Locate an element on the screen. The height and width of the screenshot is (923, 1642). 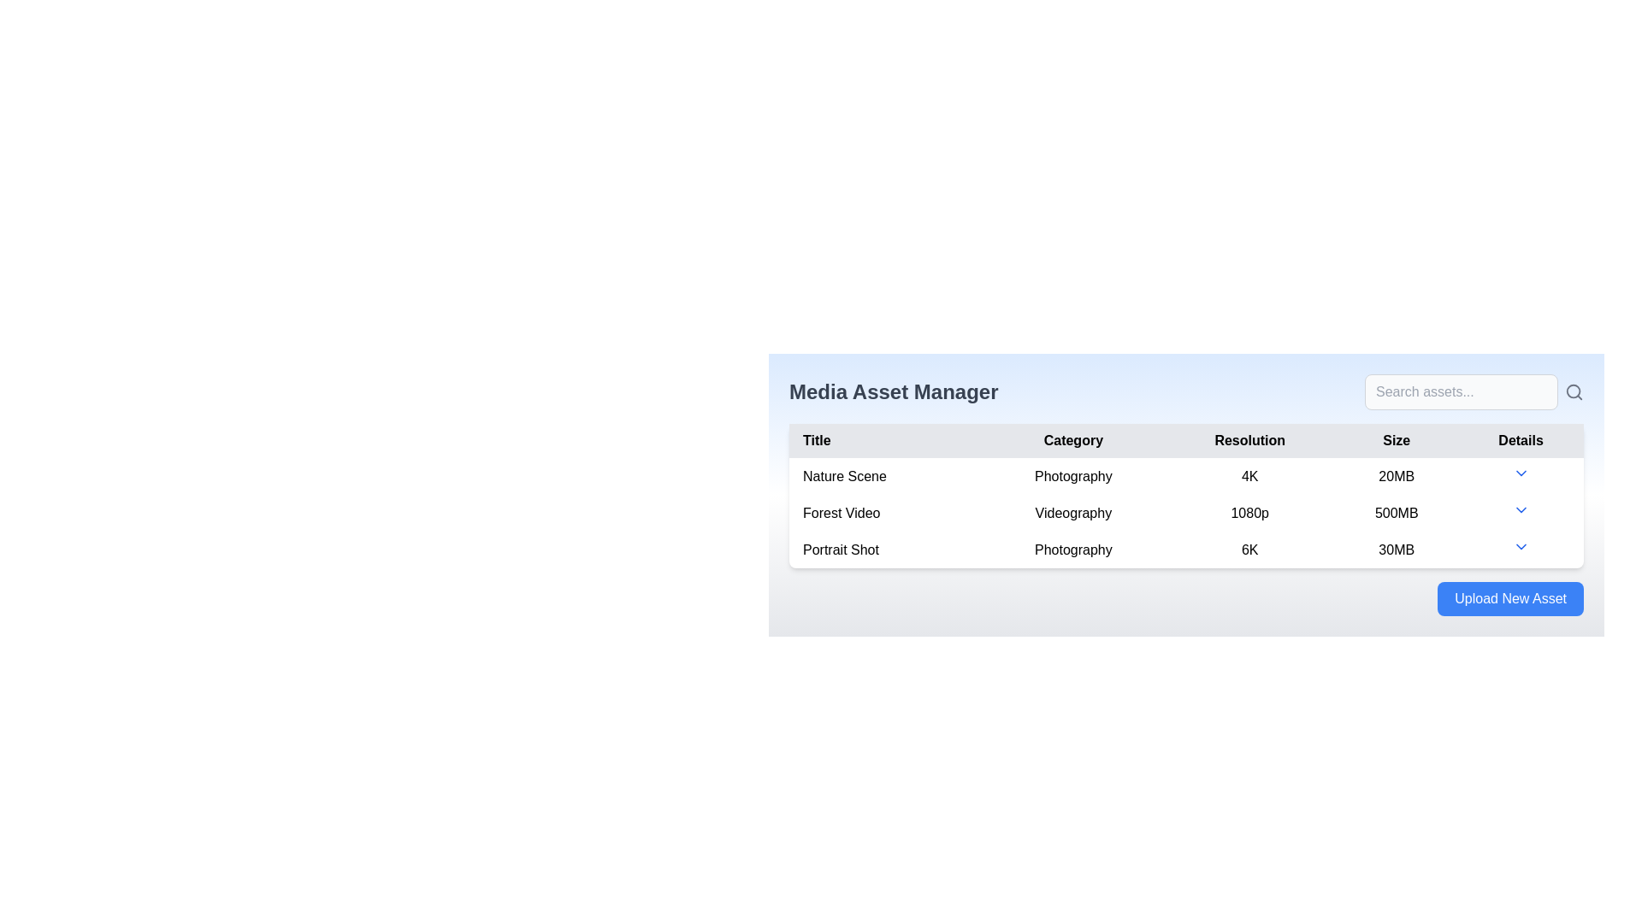
the downward-pointing chevron icon located is located at coordinates (1521, 476).